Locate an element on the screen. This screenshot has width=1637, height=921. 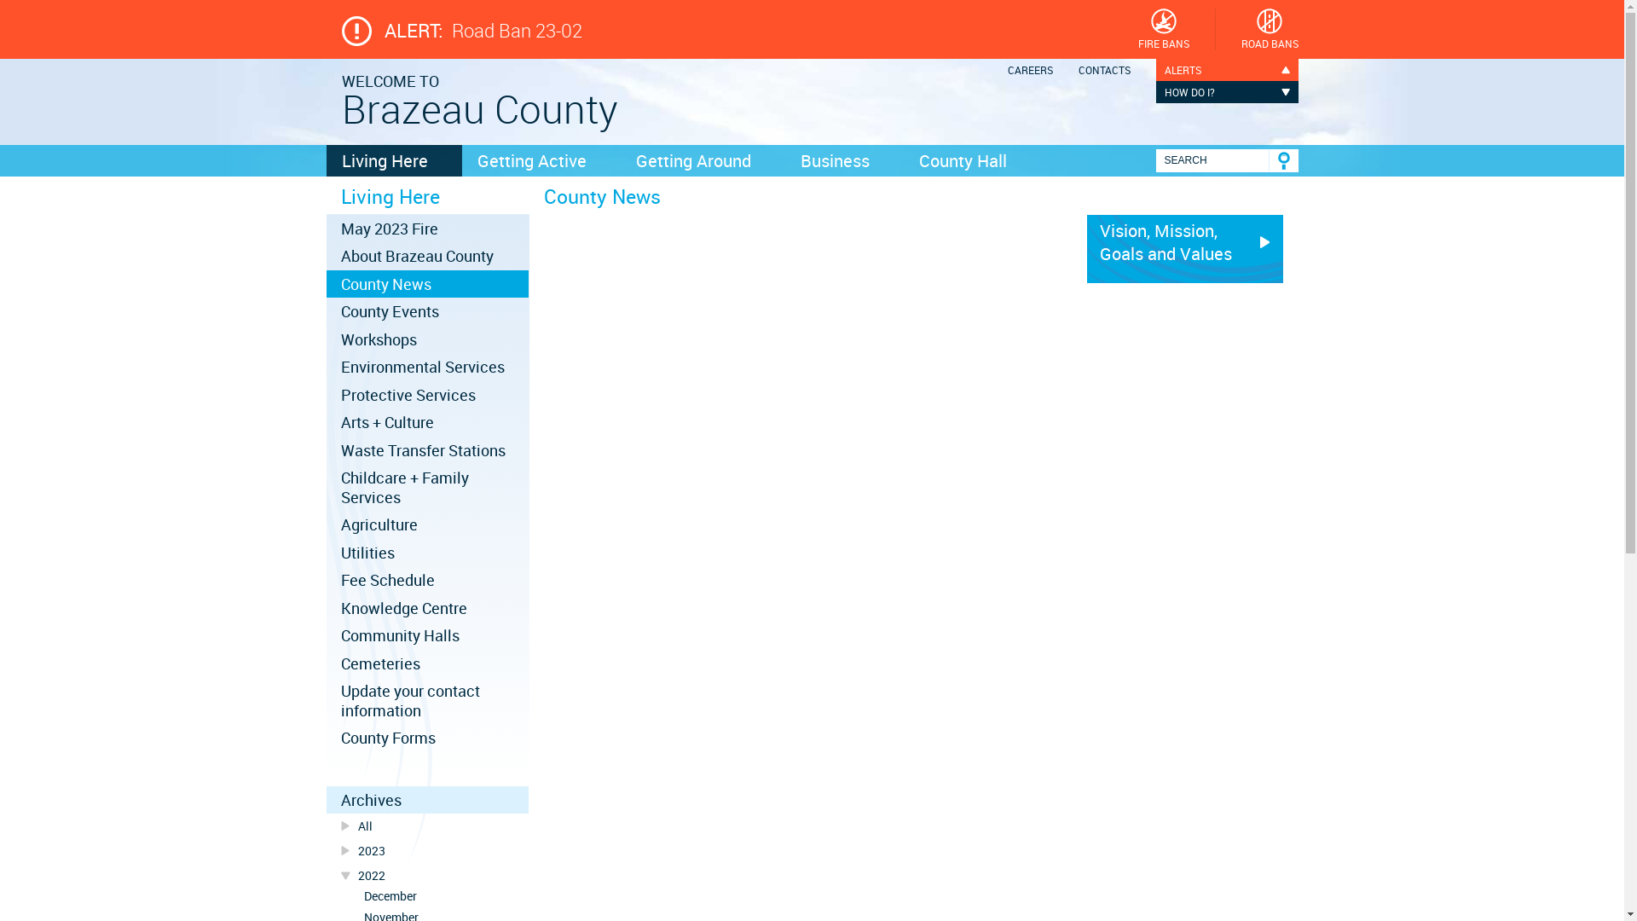
'Workshops' is located at coordinates (426, 339).